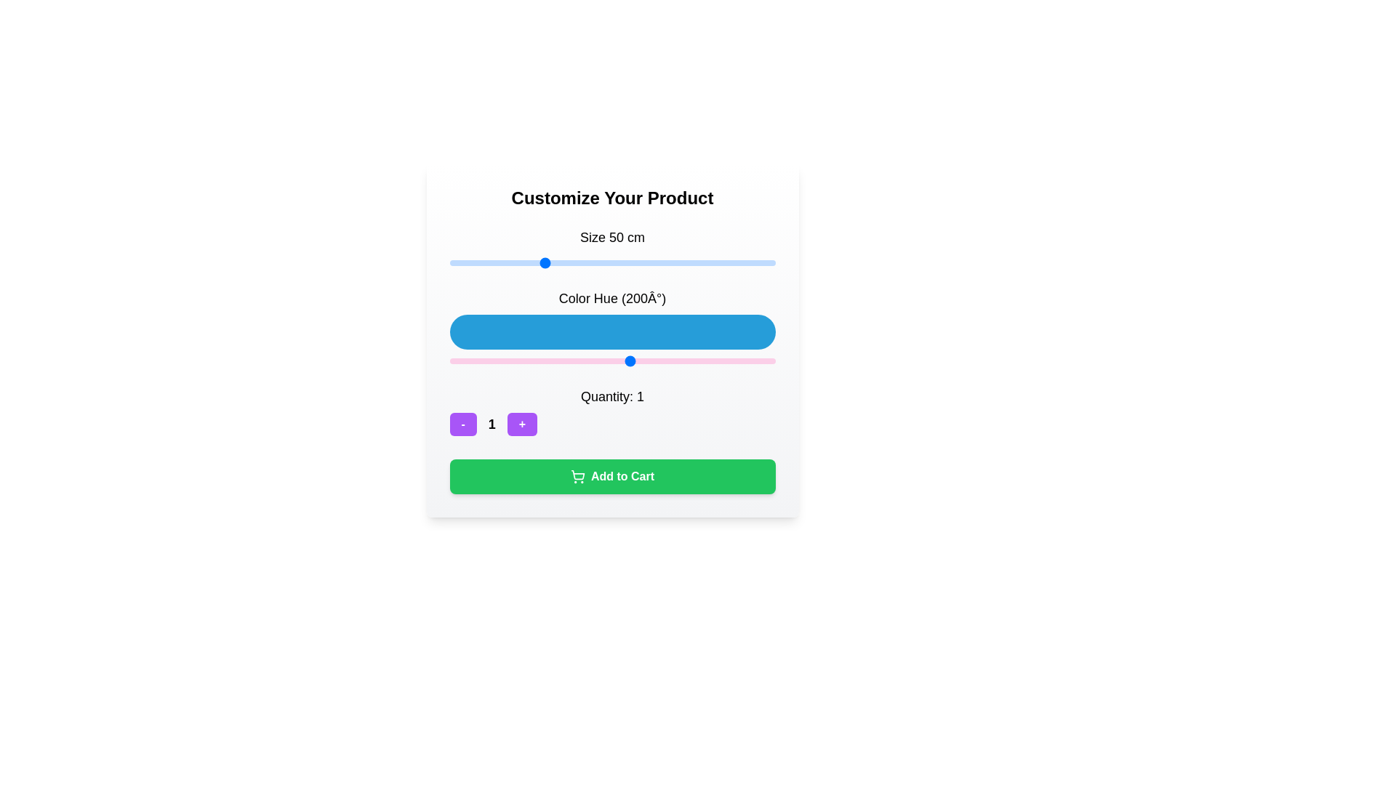 This screenshot has height=785, width=1396. What do you see at coordinates (492, 424) in the screenshot?
I see `the display text element that shows the current quantity, located in the lower central region of the interface, between the '-' button on the left and the '+' button on the right` at bounding box center [492, 424].